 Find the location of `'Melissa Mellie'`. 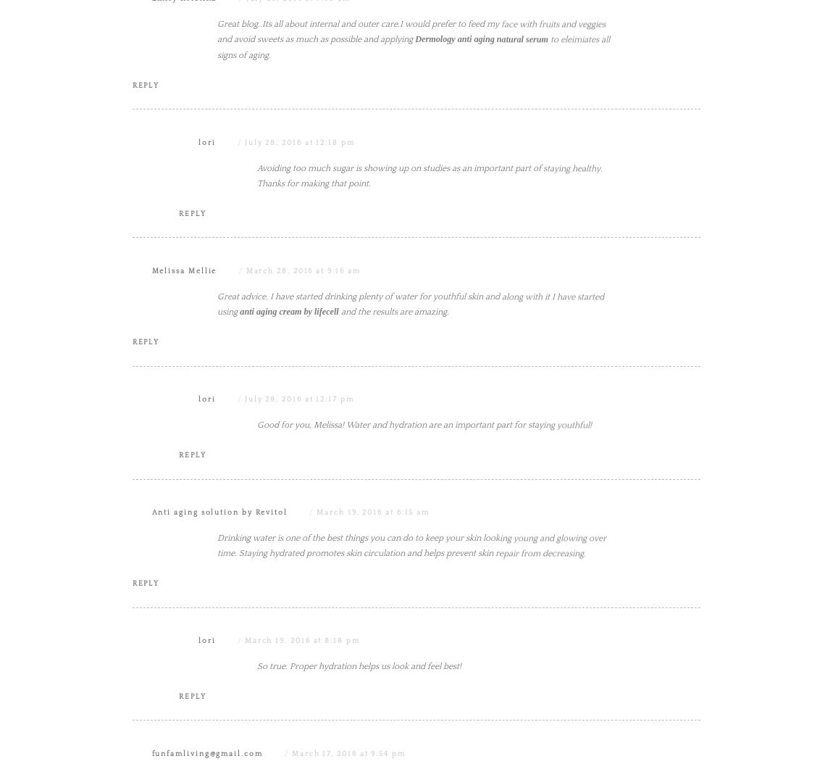

'Melissa Mellie' is located at coordinates (183, 416).